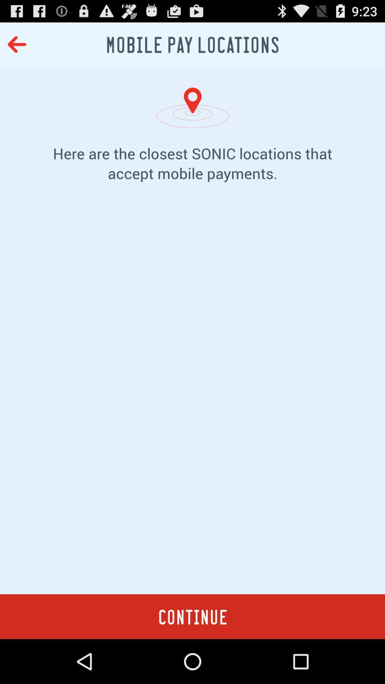 This screenshot has height=684, width=385. I want to click on the icon at the top left corner, so click(16, 44).